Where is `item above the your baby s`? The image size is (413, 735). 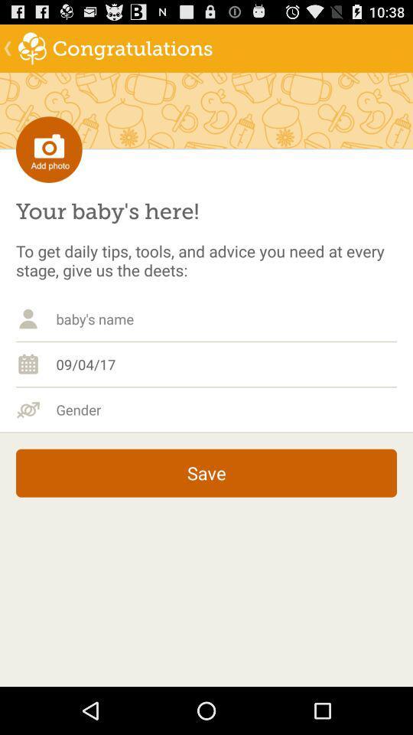 item above the your baby s is located at coordinates (49, 149).